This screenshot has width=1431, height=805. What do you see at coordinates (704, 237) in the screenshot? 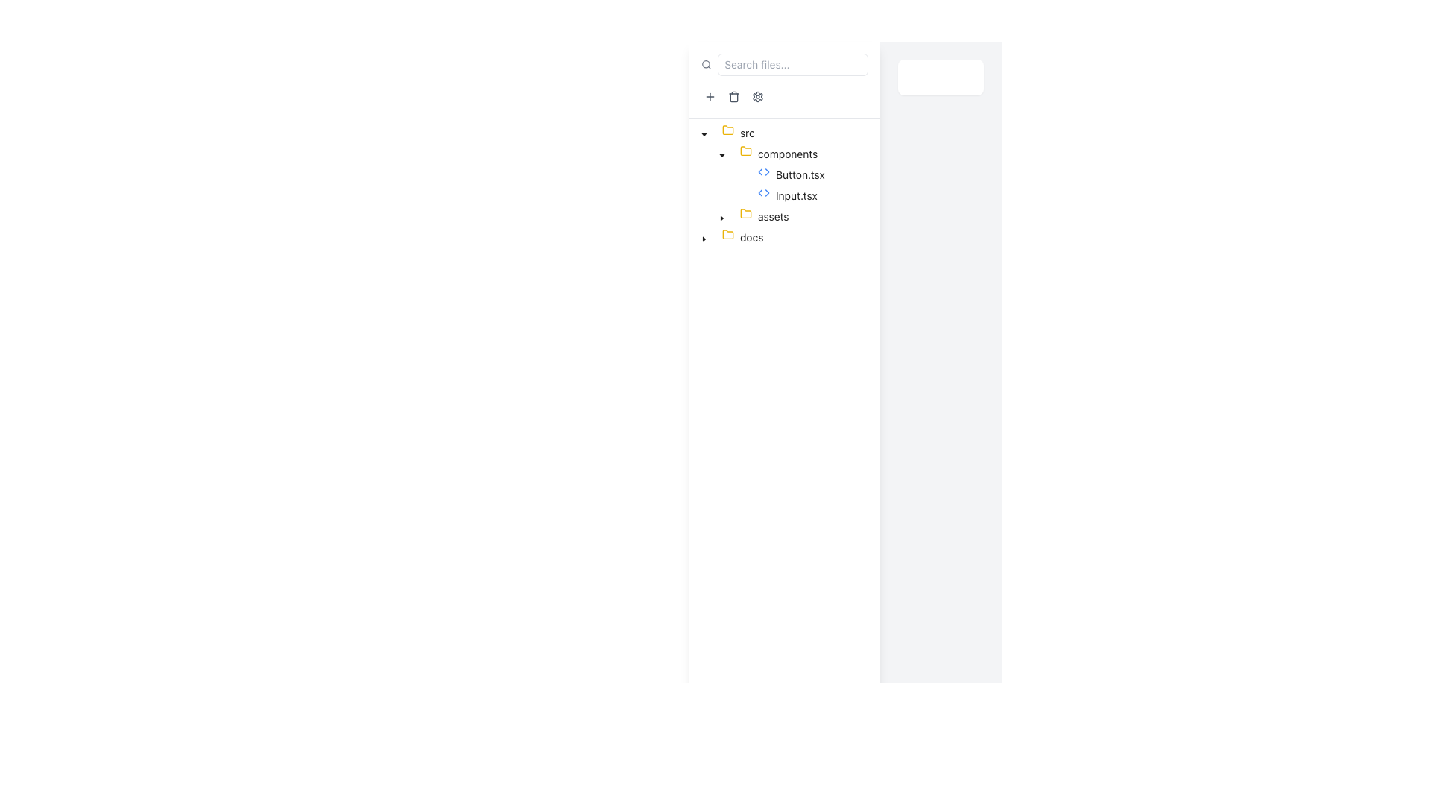
I see `the Tree toggler button, a small triangle icon pointing to the right` at bounding box center [704, 237].